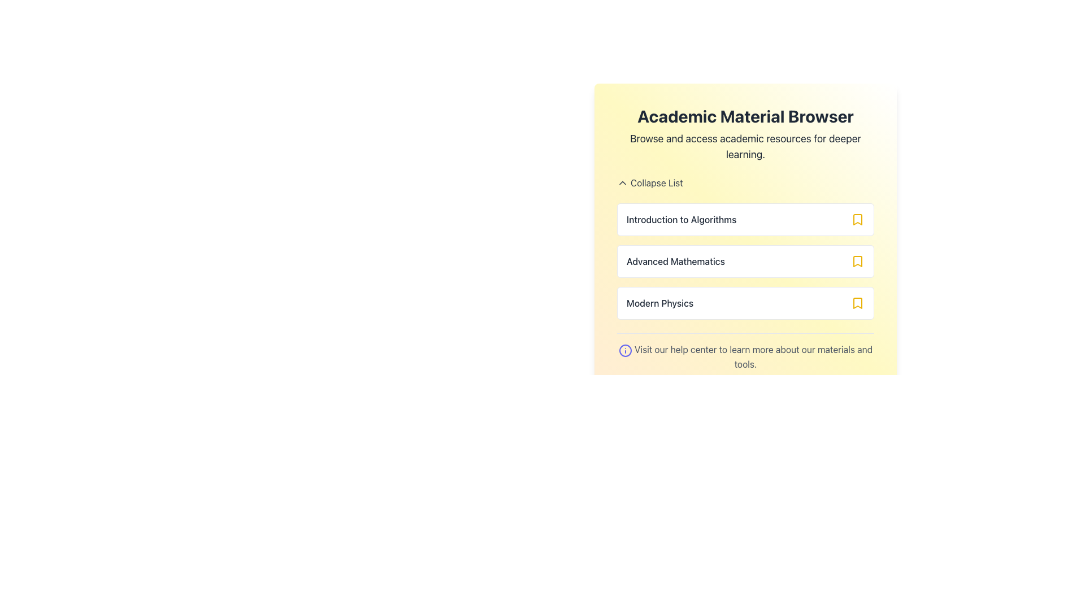 The height and width of the screenshot is (610, 1085). Describe the element at coordinates (857, 220) in the screenshot. I see `the yellow bookmark icon with a black outline` at that location.